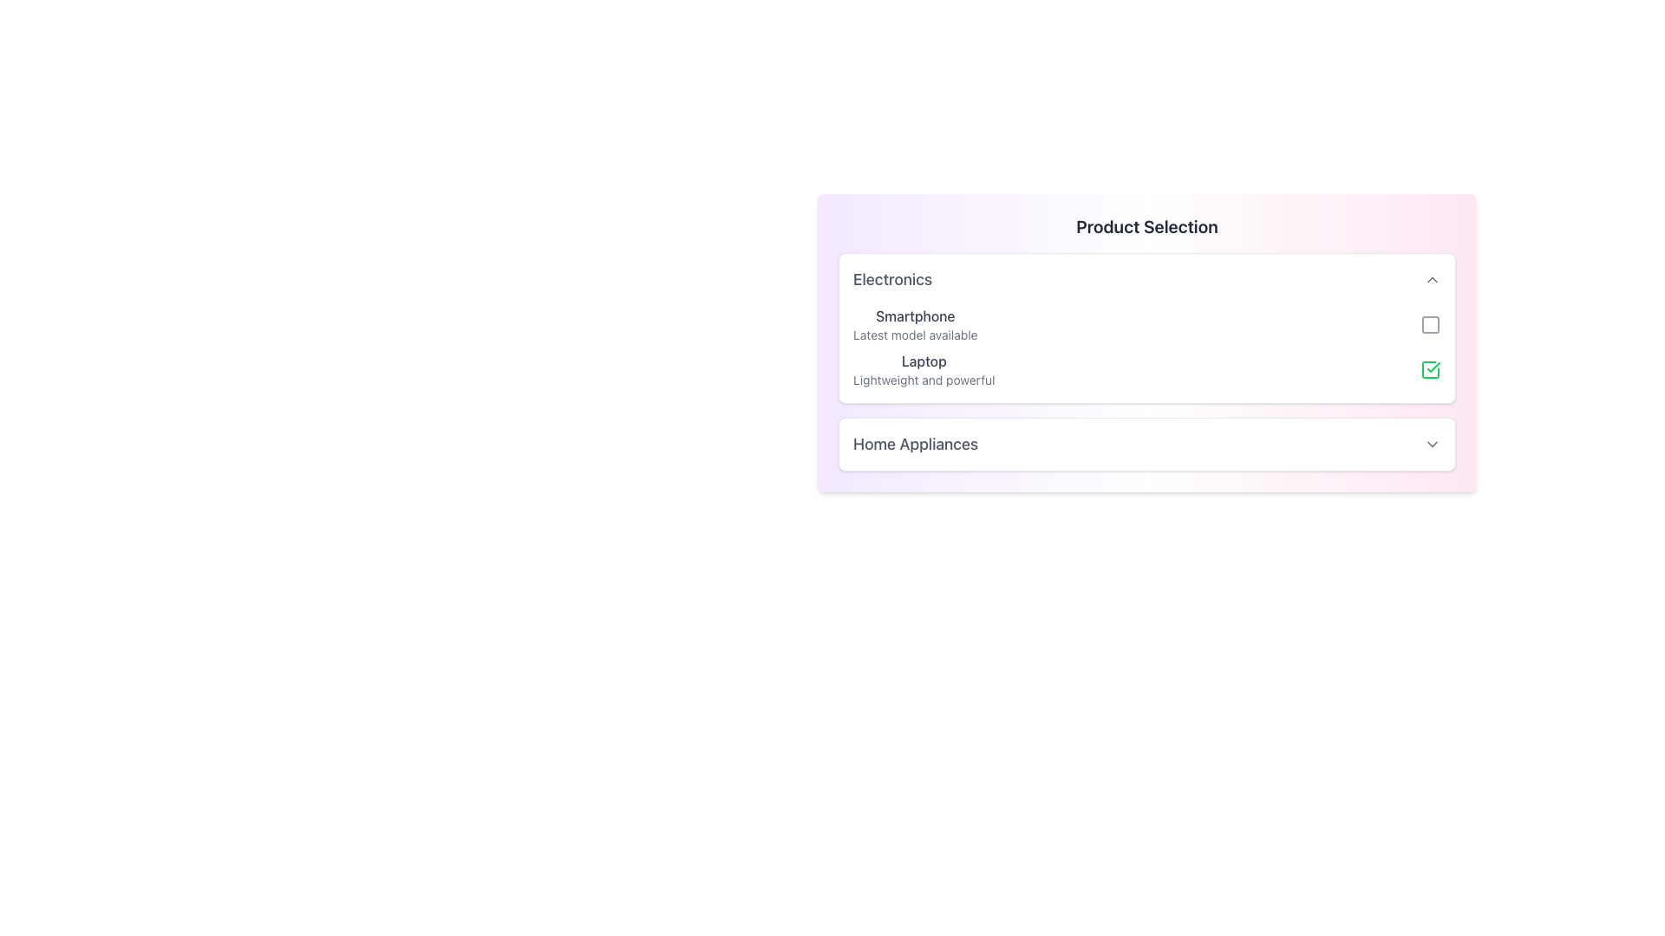  I want to click on the Static Text element that serves as a heading or categorization label in the 'Product Selection' panel, located in the upper-left corner of the panel, so click(892, 279).